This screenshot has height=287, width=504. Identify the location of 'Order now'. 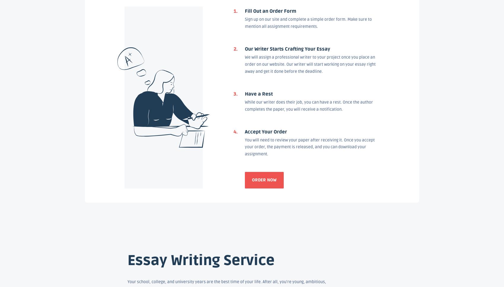
(264, 180).